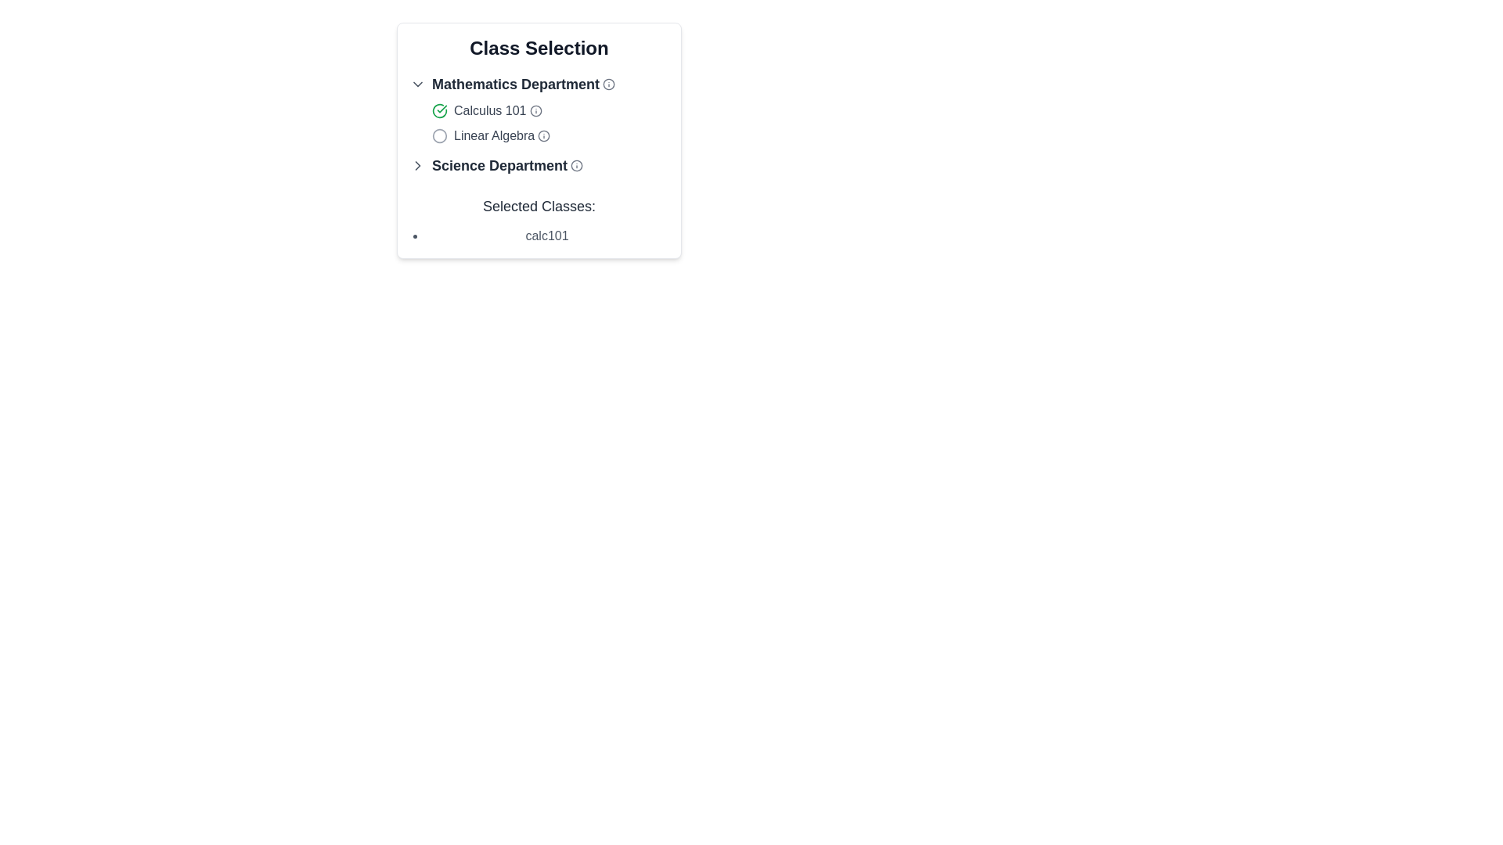  Describe the element at coordinates (499, 166) in the screenshot. I see `the 'Science Department' label, which is styled with a bold font, dark grayish color, and is located under the 'Mathematics Department' section` at that location.